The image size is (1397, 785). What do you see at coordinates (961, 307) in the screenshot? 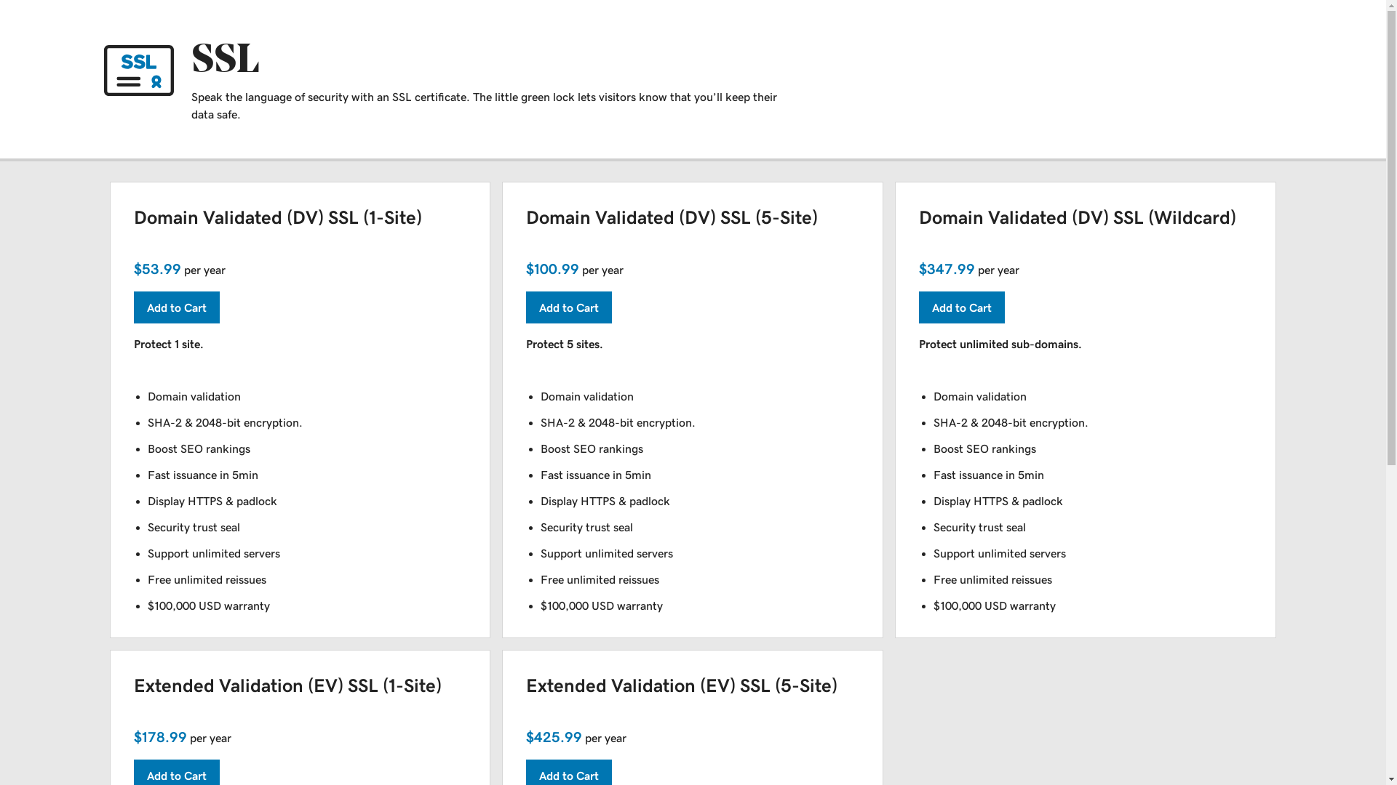
I see `'Add to Cart'` at bounding box center [961, 307].